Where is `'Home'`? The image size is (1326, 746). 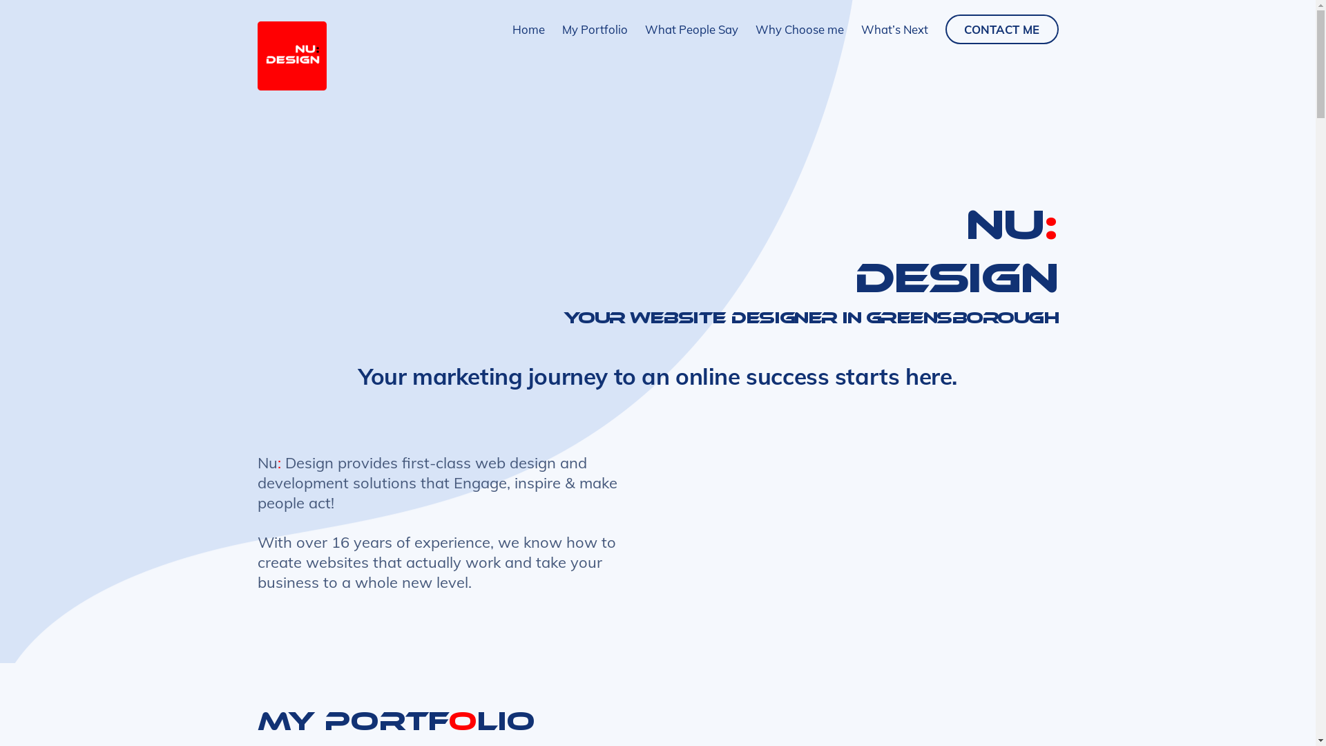
'Home' is located at coordinates (528, 29).